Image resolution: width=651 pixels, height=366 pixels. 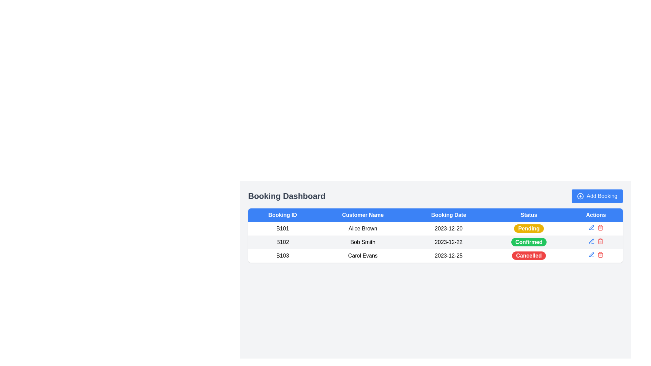 What do you see at coordinates (435, 256) in the screenshot?
I see `the third row of the table in the Booking Dashboard, which contains the entry 'B103' in the first column` at bounding box center [435, 256].